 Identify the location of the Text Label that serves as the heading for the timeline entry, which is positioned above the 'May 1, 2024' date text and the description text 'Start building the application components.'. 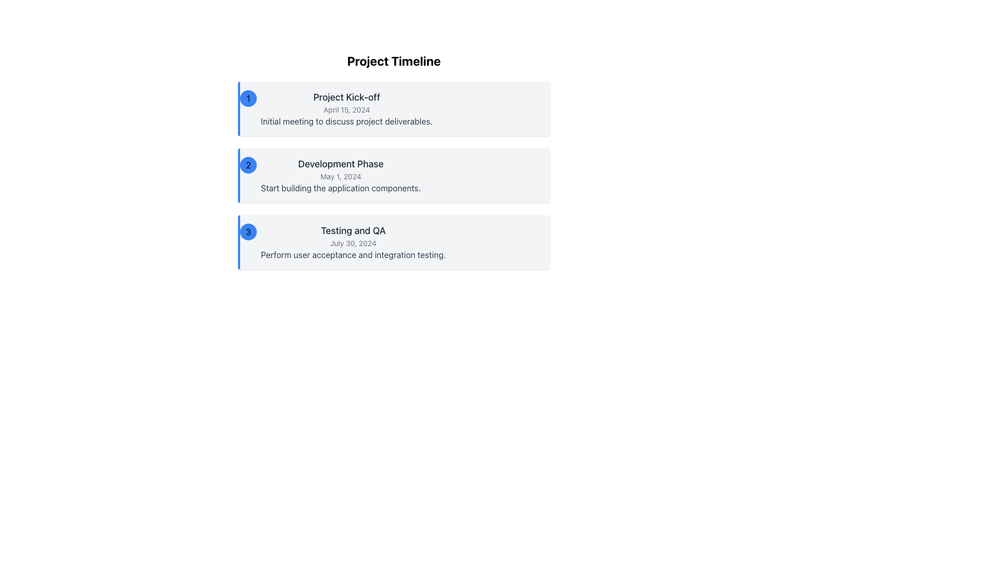
(341, 164).